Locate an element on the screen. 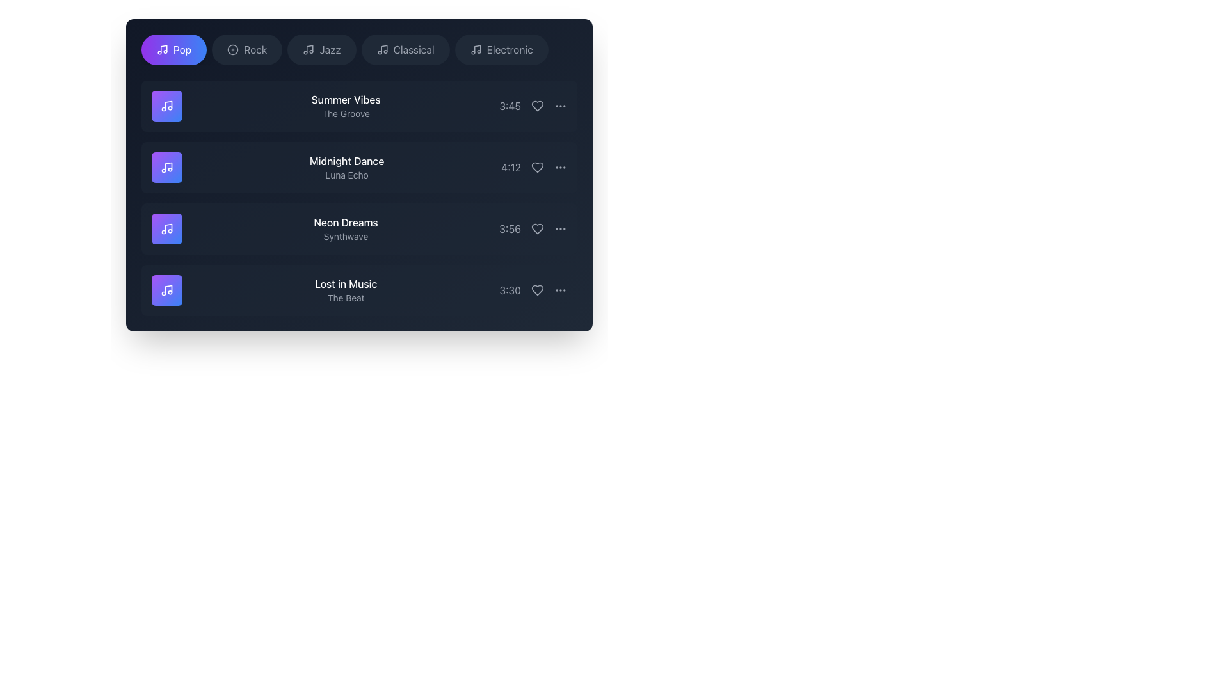 The height and width of the screenshot is (691, 1229). the 'Electronic' genre label, which is the last item in a horizontal list of music genre labels is located at coordinates (509, 49).